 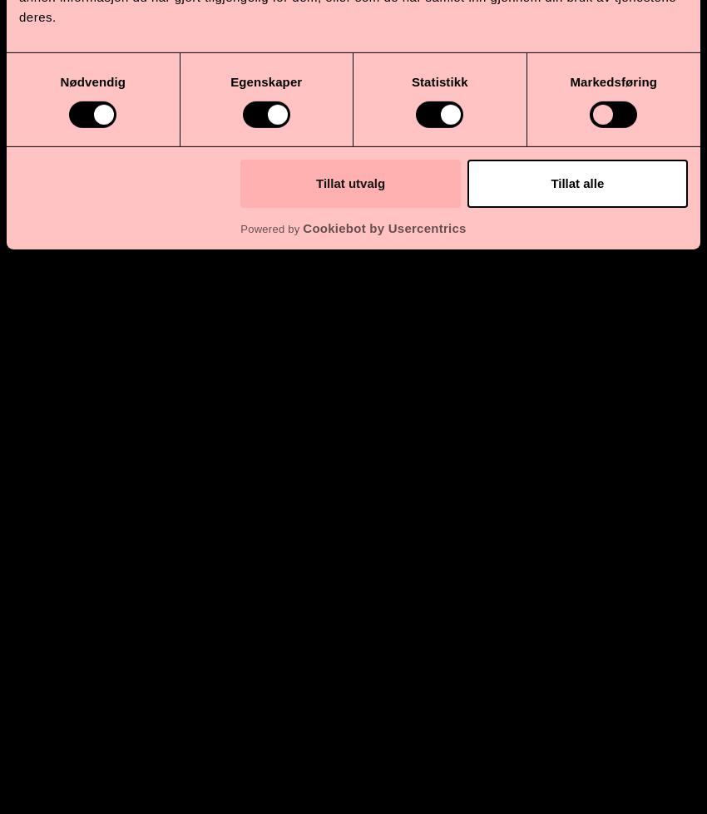 I want to click on 'Nødvendig', so click(x=59, y=81).